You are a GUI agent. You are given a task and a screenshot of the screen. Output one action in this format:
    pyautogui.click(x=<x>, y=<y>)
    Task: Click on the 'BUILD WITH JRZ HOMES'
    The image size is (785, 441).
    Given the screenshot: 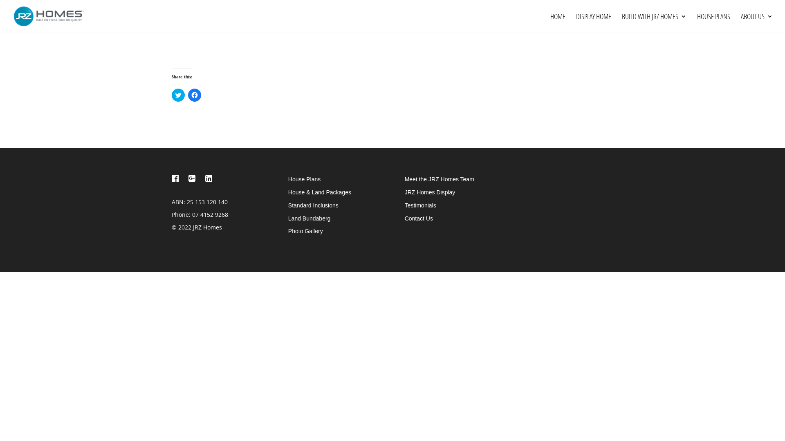 What is the action you would take?
    pyautogui.click(x=653, y=22)
    